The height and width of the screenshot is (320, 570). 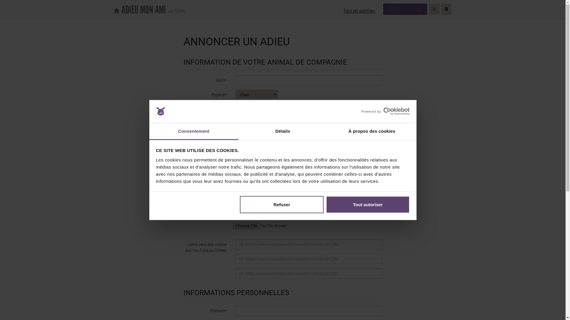 What do you see at coordinates (175, 9) in the screenshot?
I see `'par GAIA'` at bounding box center [175, 9].